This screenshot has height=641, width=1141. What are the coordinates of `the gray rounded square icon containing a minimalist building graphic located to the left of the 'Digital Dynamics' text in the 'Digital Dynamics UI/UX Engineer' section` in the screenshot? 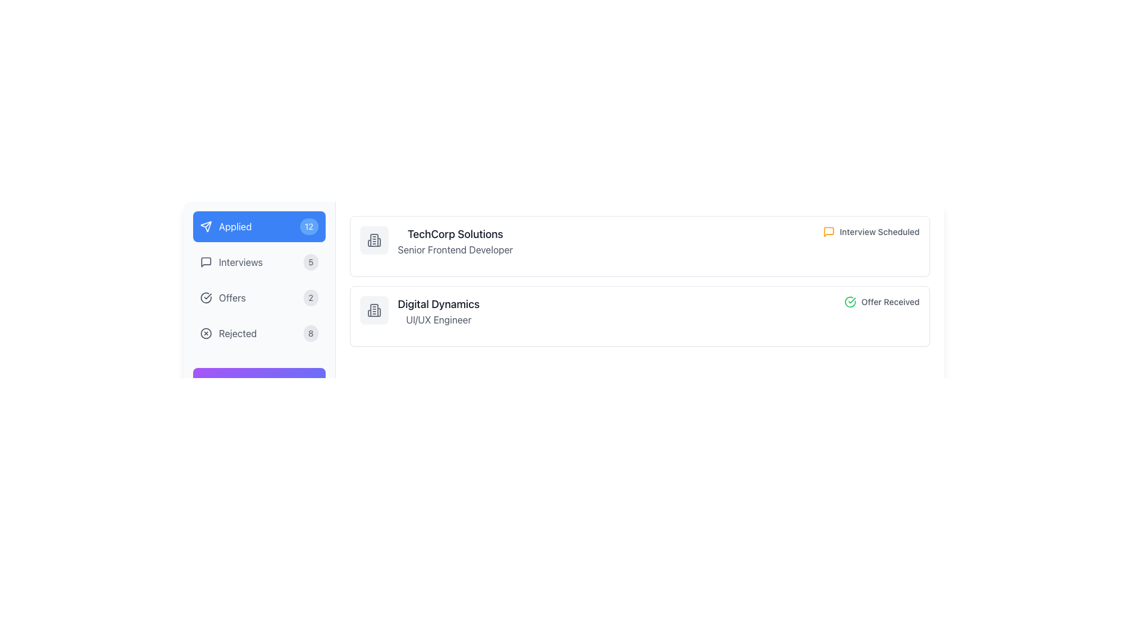 It's located at (373, 310).